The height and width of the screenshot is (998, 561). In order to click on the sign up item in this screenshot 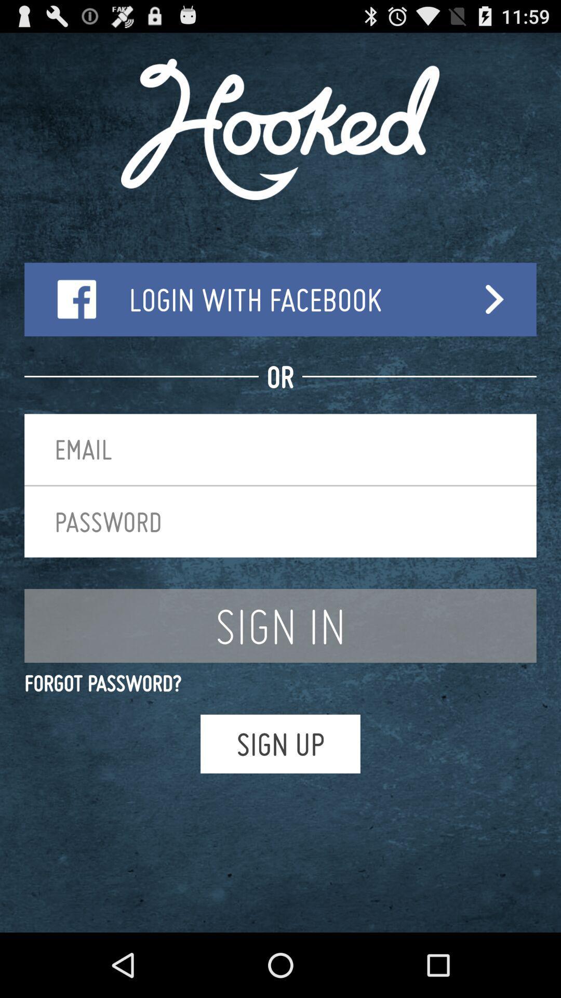, I will do `click(280, 743)`.